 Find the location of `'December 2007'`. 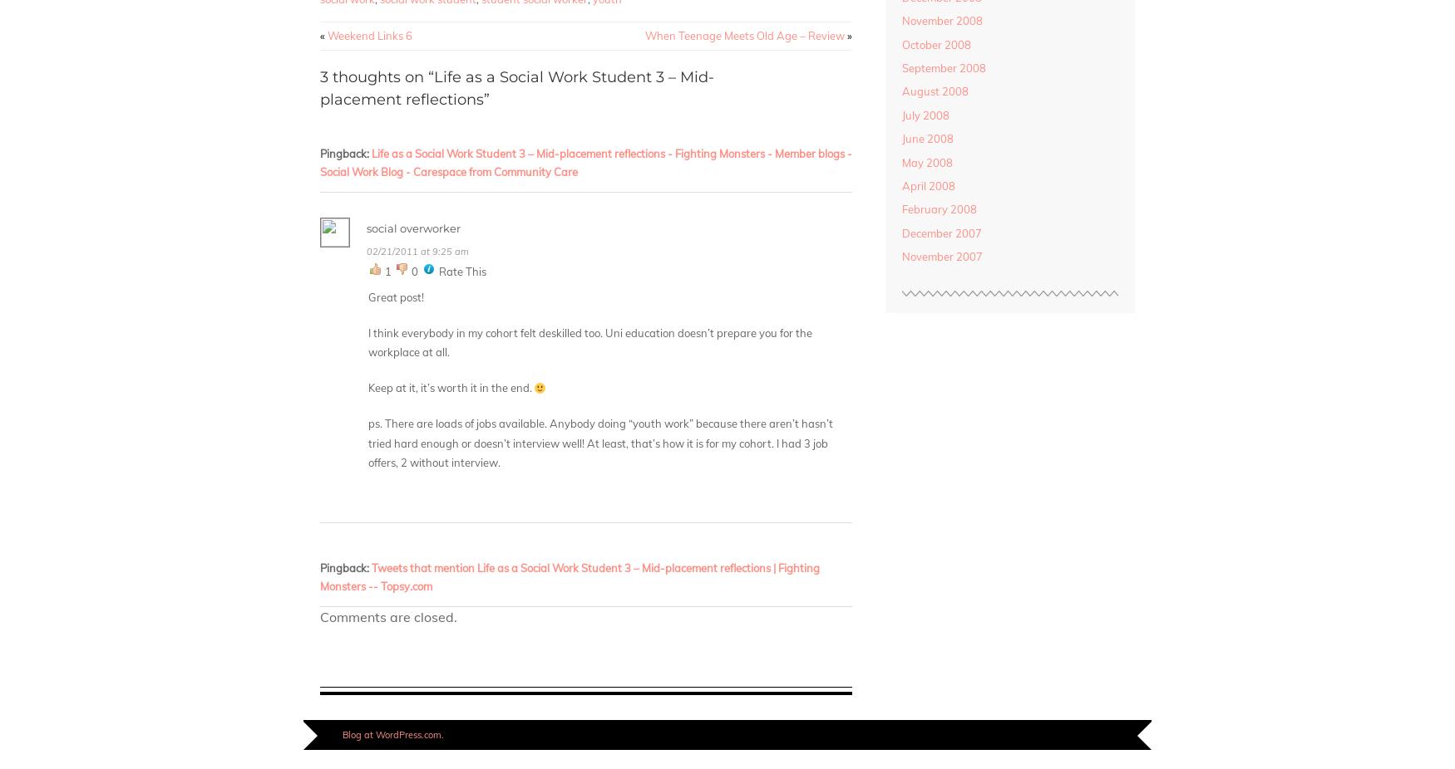

'December 2007' is located at coordinates (940, 233).